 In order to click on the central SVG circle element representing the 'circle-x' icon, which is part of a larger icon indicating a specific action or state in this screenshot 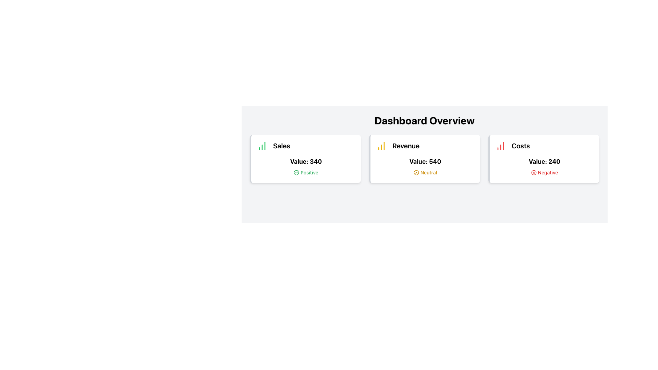, I will do `click(416, 172)`.